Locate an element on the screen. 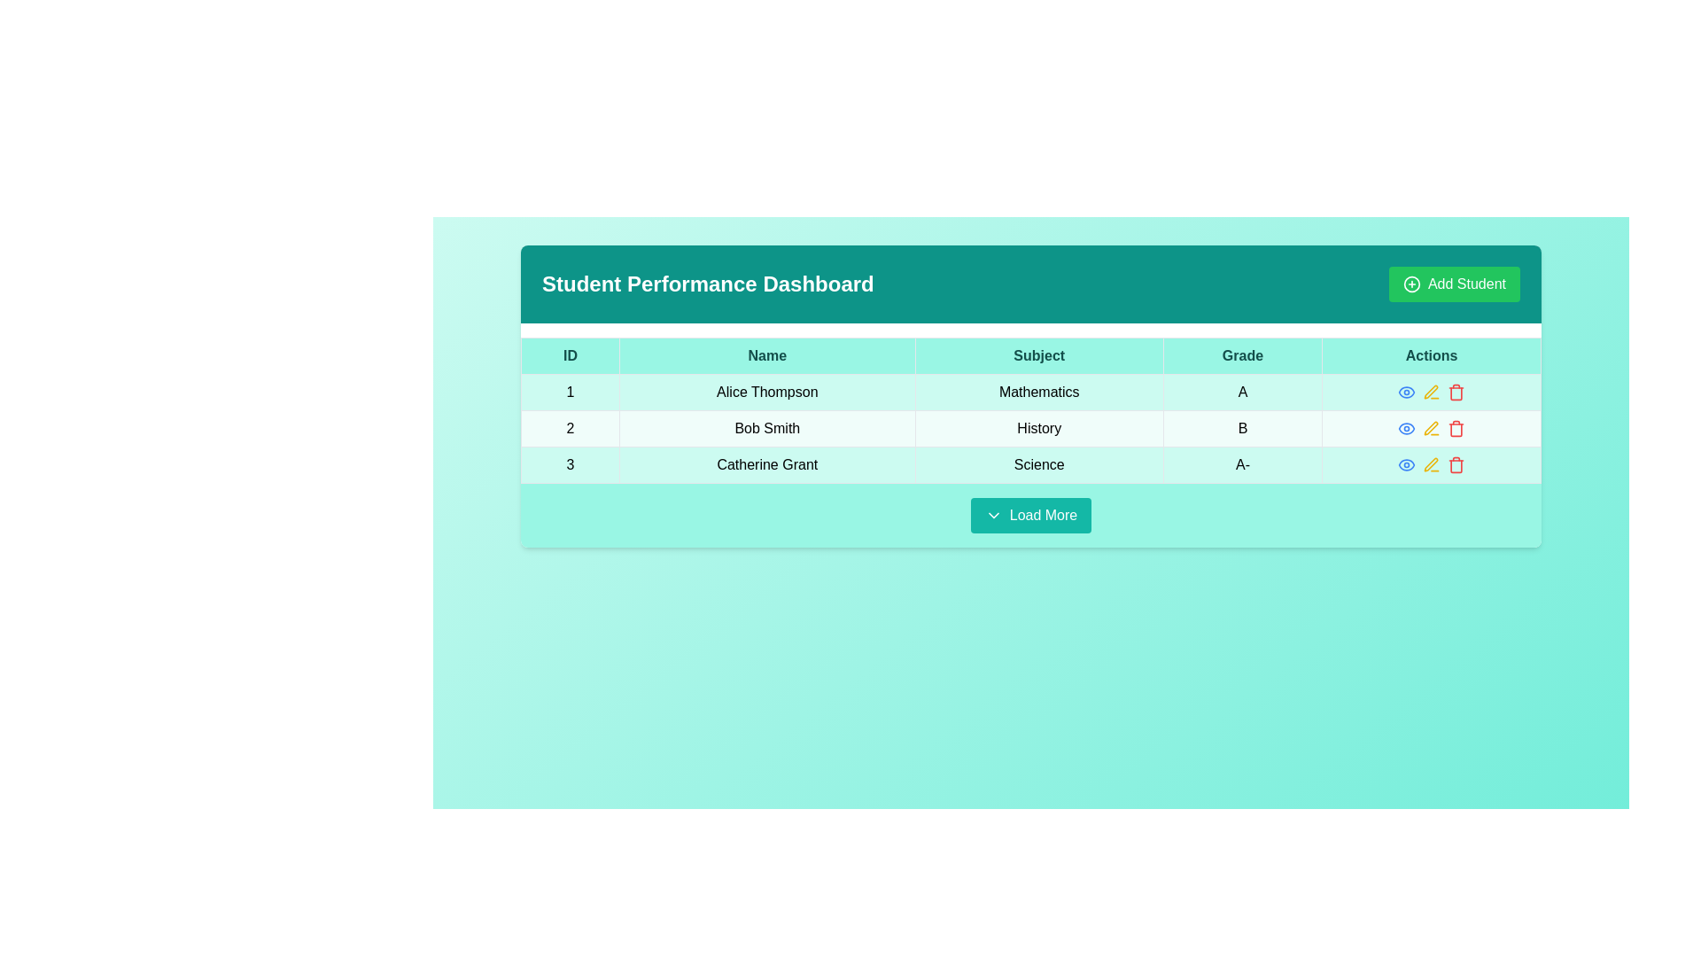 This screenshot has height=957, width=1701. the 'Subject' column header in the table, which is positioned as the third column header, immediately to the right of 'Name' and to the left of 'Grade' is located at coordinates (1039, 355).